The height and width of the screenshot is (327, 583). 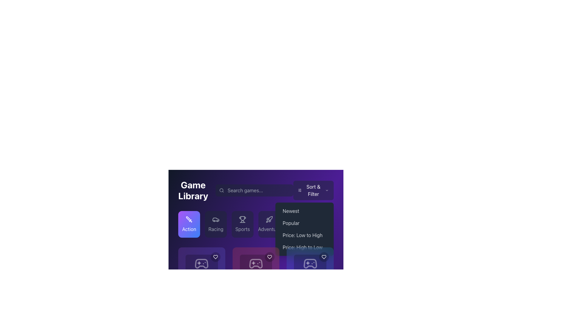 What do you see at coordinates (256, 263) in the screenshot?
I see `the game controller icon, which is the third tile` at bounding box center [256, 263].